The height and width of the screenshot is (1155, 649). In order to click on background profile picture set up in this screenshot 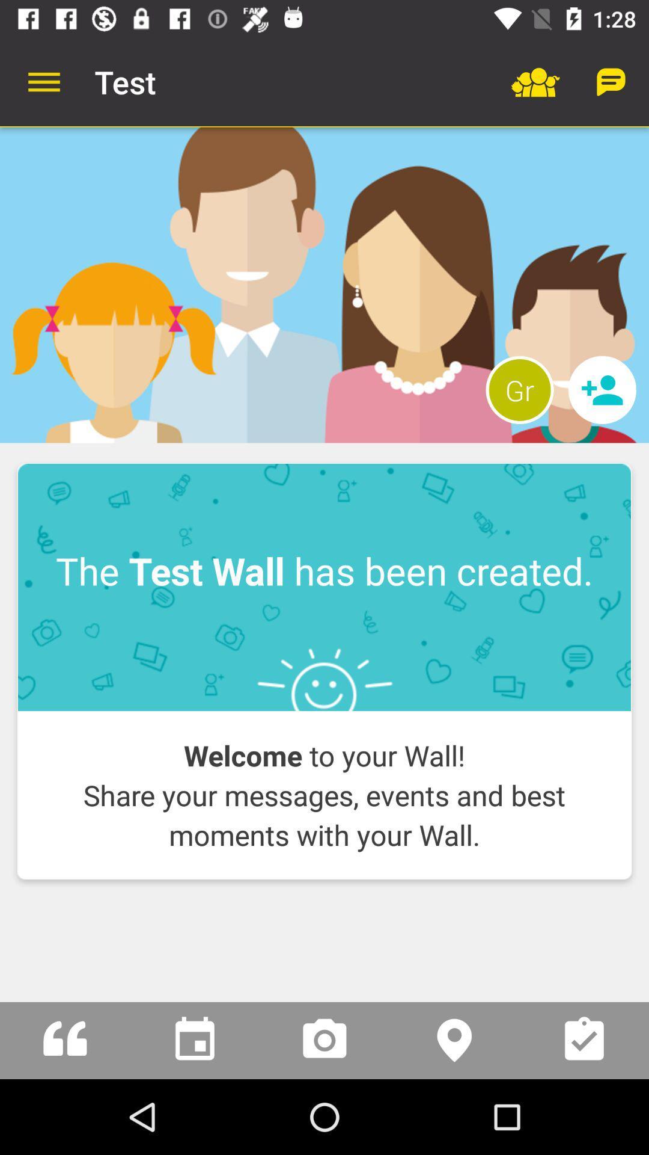, I will do `click(324, 285)`.